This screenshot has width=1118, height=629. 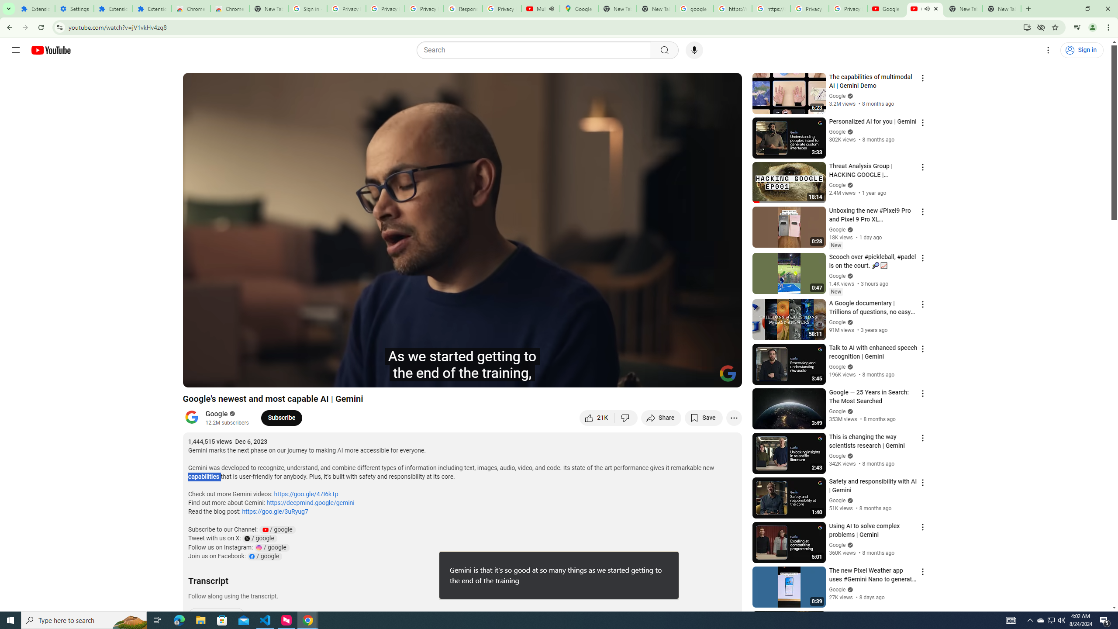 I want to click on 'Share', so click(x=661, y=417).